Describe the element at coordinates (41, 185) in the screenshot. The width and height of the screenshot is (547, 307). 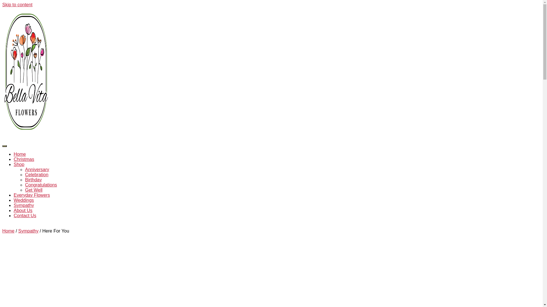
I see `'Congratulations'` at that location.